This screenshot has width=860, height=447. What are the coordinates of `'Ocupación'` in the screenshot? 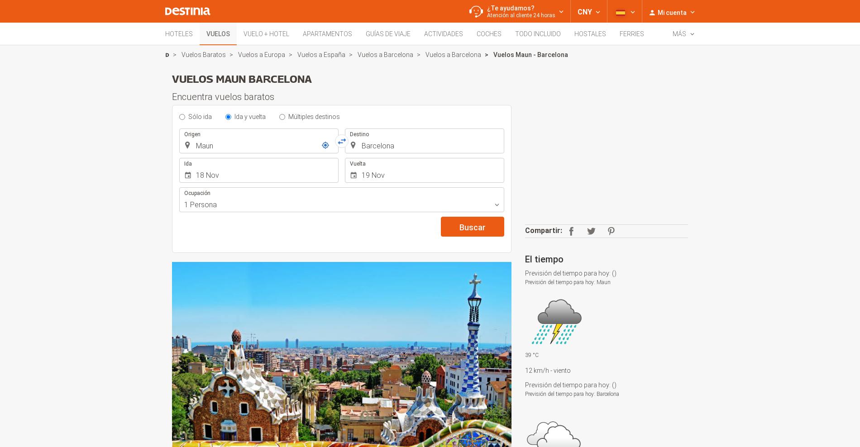 It's located at (197, 193).